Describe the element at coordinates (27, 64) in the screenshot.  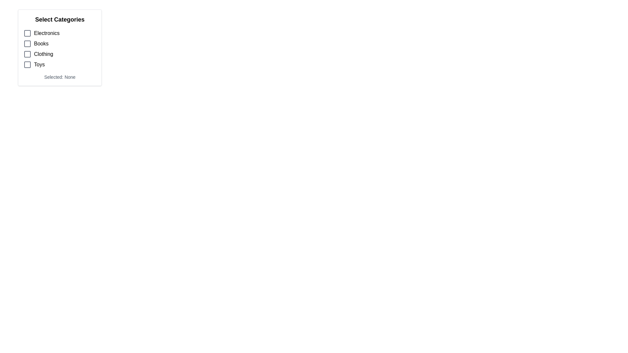
I see `the unchecked checkbox for 'Toys' in the fourth row under 'Select Categories'` at that location.